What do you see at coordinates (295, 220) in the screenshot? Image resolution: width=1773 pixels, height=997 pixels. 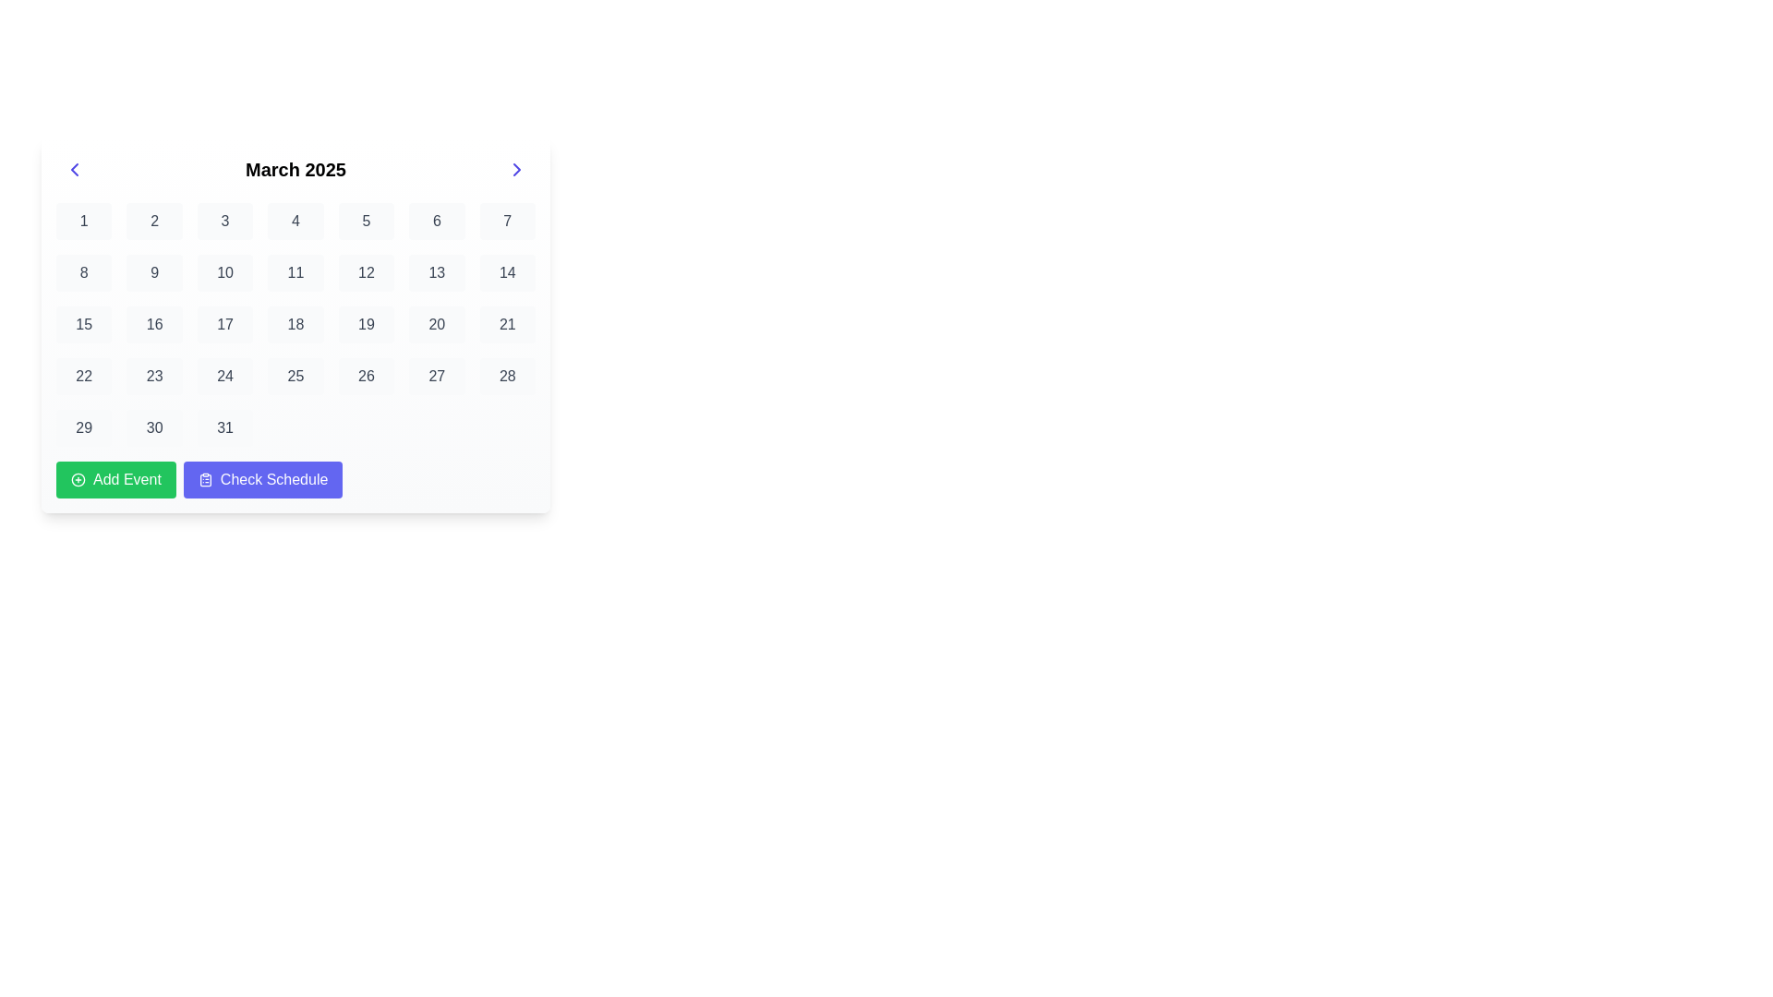 I see `the button representing the fourth day in the March 2025 calendar grid` at bounding box center [295, 220].